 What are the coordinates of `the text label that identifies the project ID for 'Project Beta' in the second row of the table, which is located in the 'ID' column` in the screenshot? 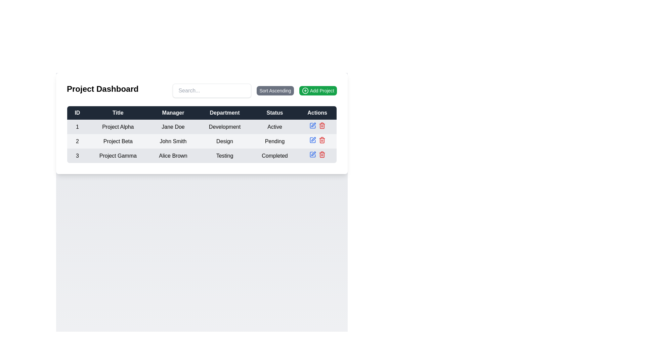 It's located at (77, 141).